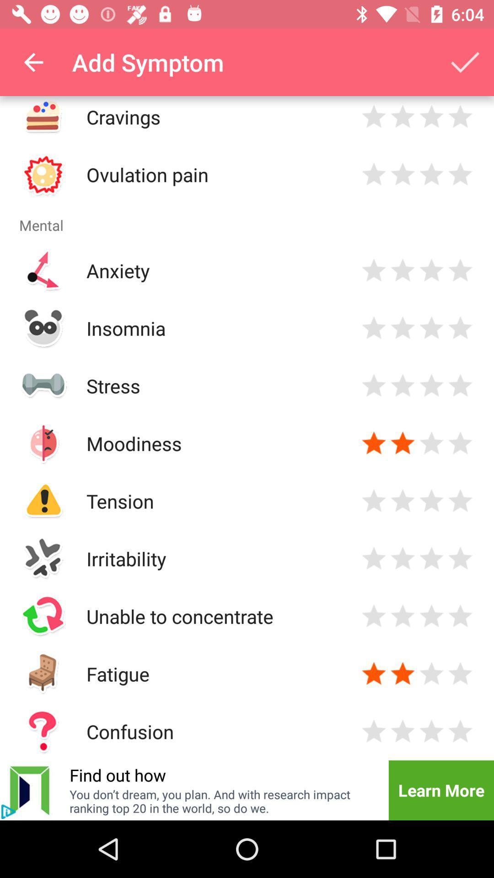 Image resolution: width=494 pixels, height=878 pixels. Describe the element at coordinates (460, 385) in the screenshot. I see `rate item 4 stars` at that location.